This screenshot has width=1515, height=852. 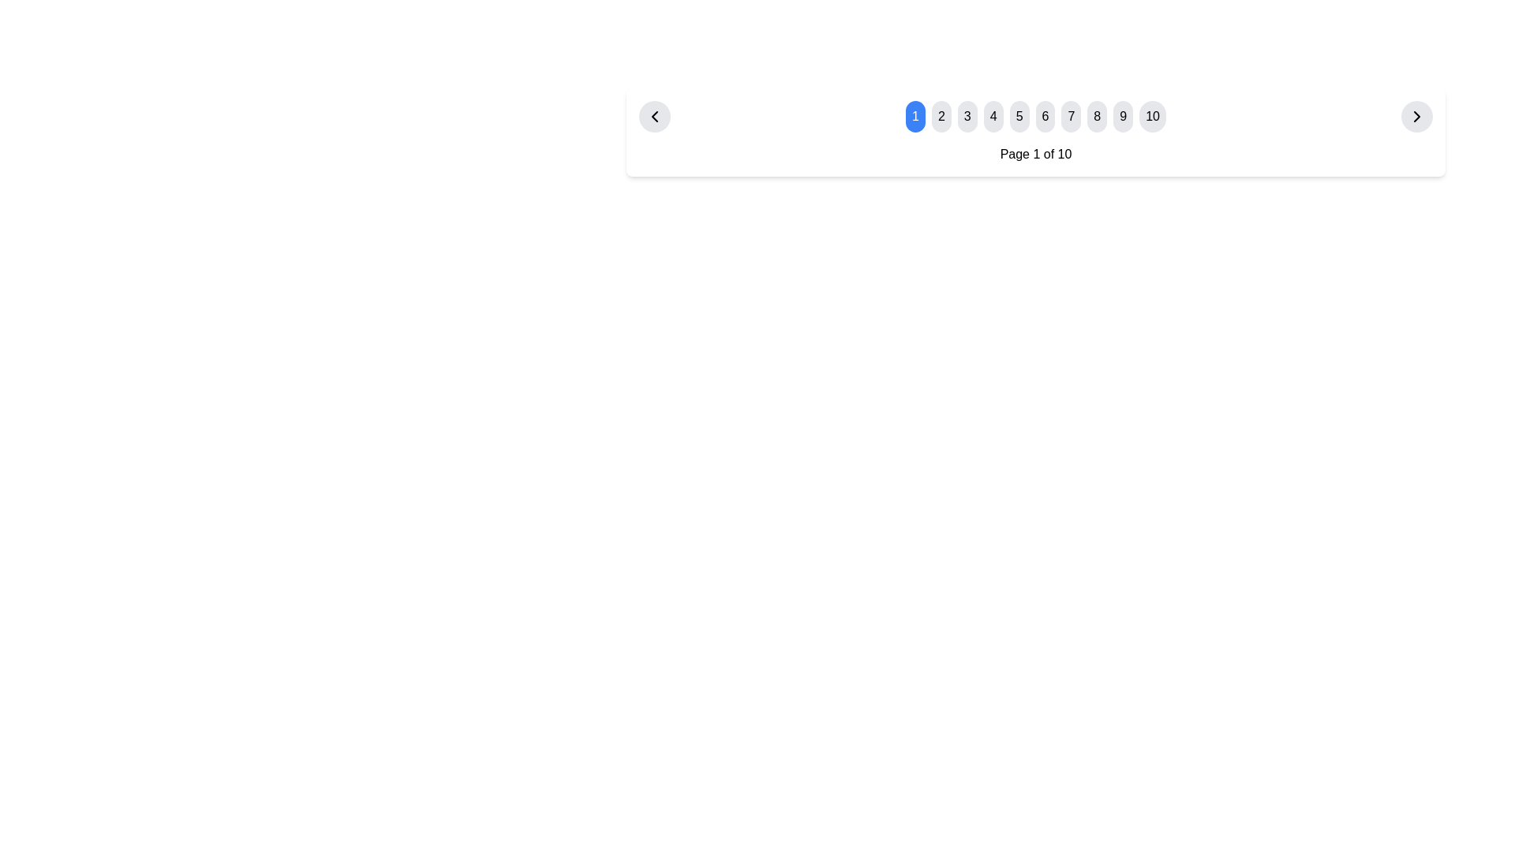 What do you see at coordinates (1045, 115) in the screenshot?
I see `the circular button labeled '6' with a light gray background` at bounding box center [1045, 115].